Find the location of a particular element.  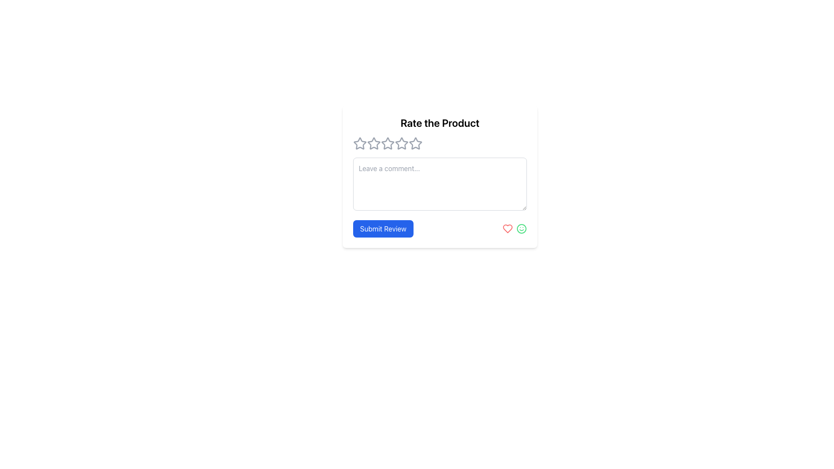

the fifth star icon in the rating system to indicate a 5-star rating is located at coordinates (415, 143).